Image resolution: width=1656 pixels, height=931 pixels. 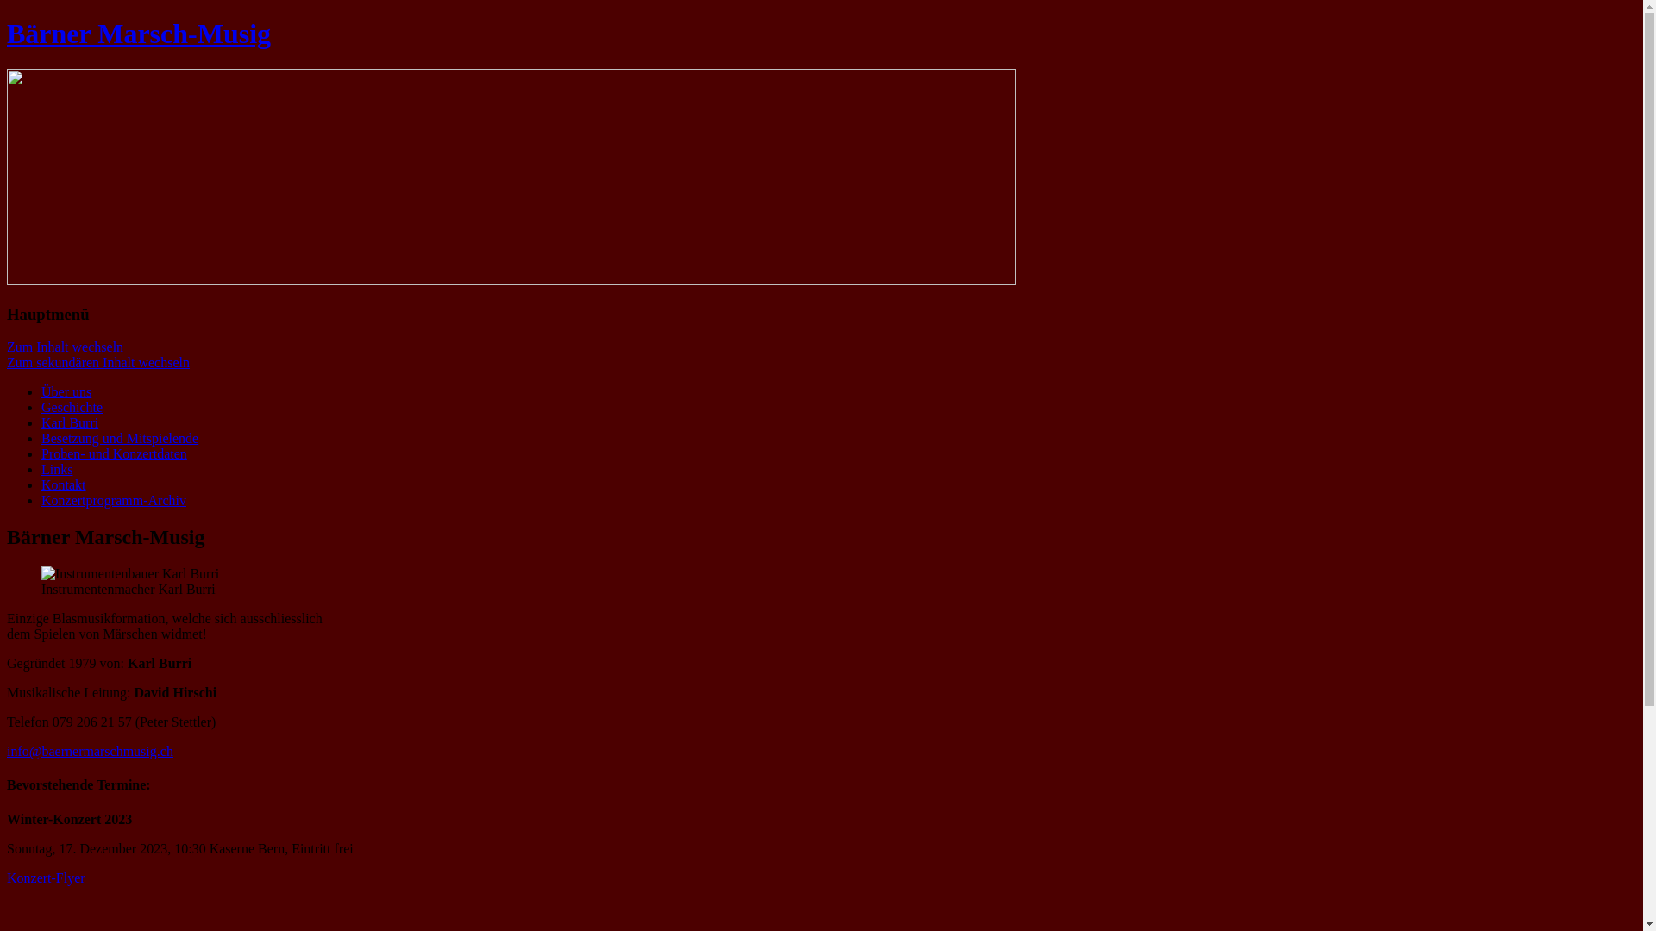 What do you see at coordinates (63, 484) in the screenshot?
I see `'Kontakt'` at bounding box center [63, 484].